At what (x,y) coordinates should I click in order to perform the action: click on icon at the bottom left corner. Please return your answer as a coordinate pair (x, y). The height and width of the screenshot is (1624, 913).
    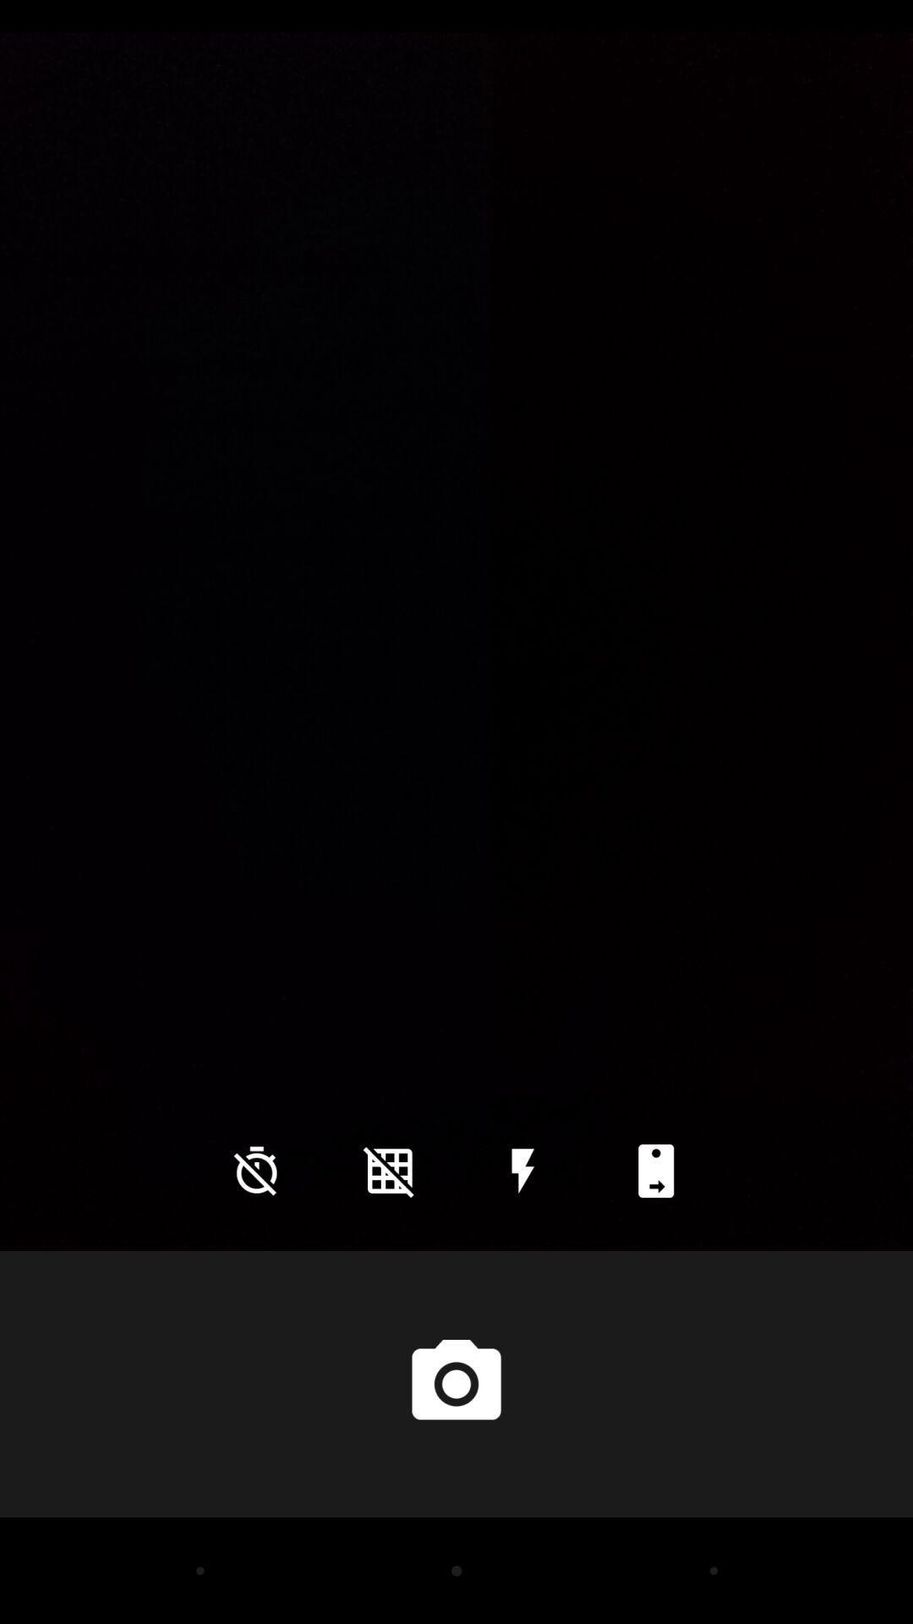
    Looking at the image, I should click on (256, 1170).